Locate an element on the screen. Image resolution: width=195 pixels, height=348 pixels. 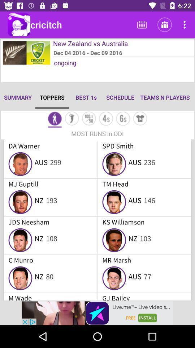
menu button is located at coordinates (105, 119).